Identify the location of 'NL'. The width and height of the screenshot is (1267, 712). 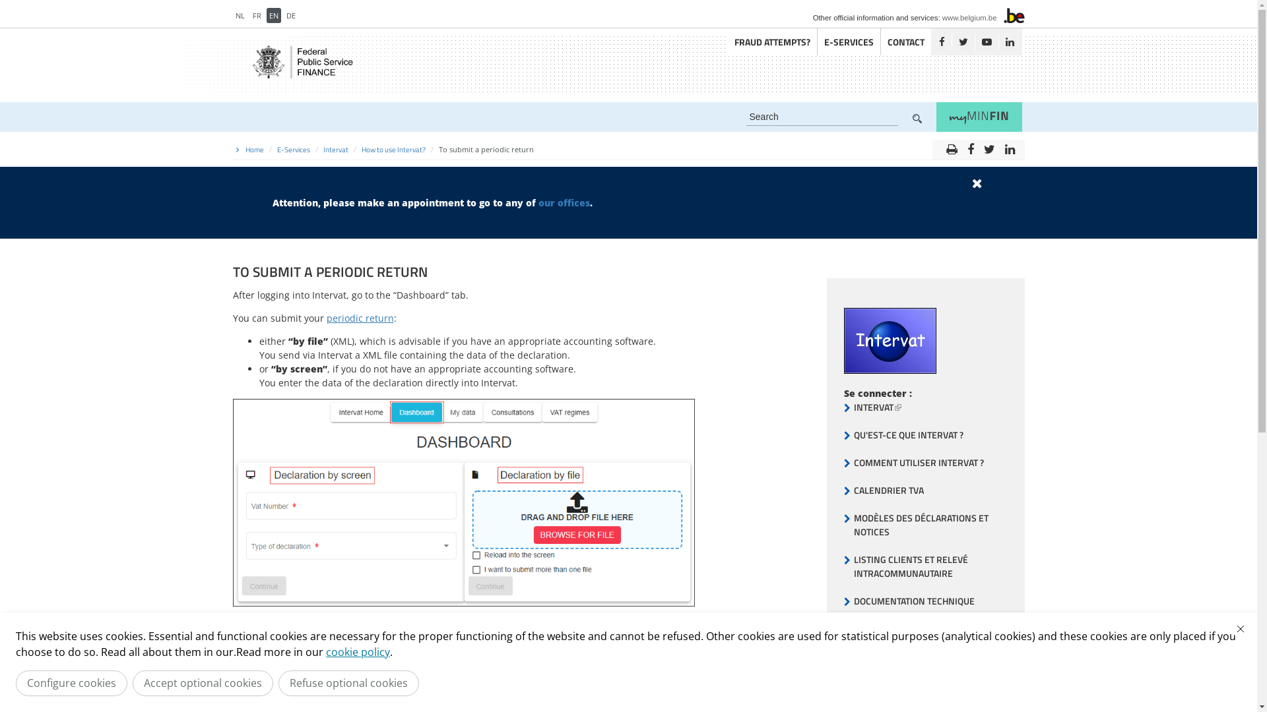
(240, 15).